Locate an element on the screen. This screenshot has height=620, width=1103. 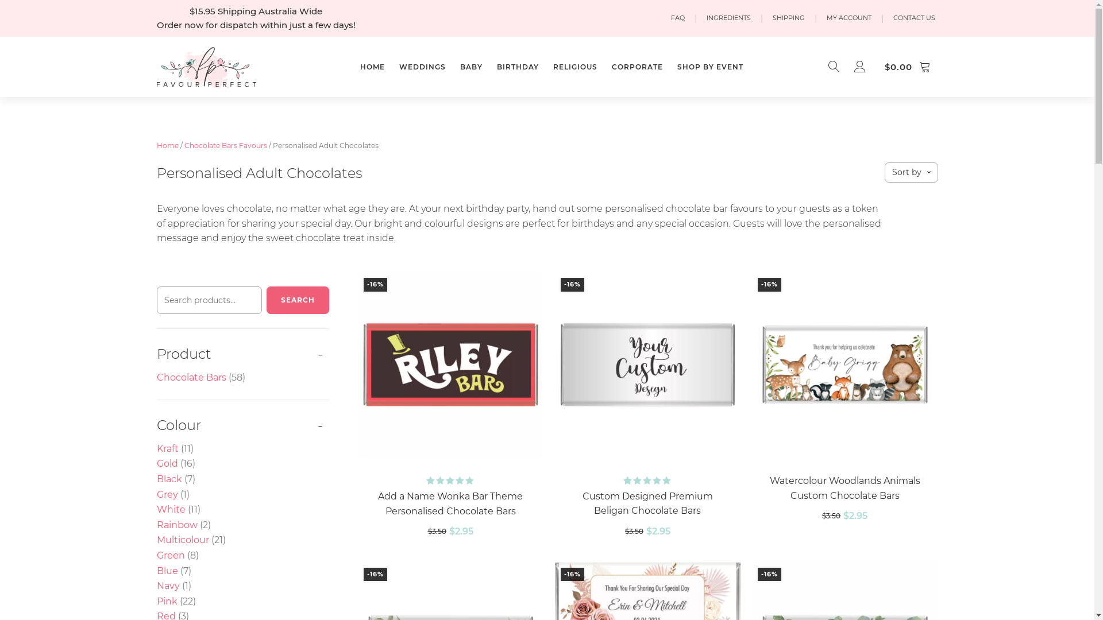
'CONTACT US' is located at coordinates (913, 18).